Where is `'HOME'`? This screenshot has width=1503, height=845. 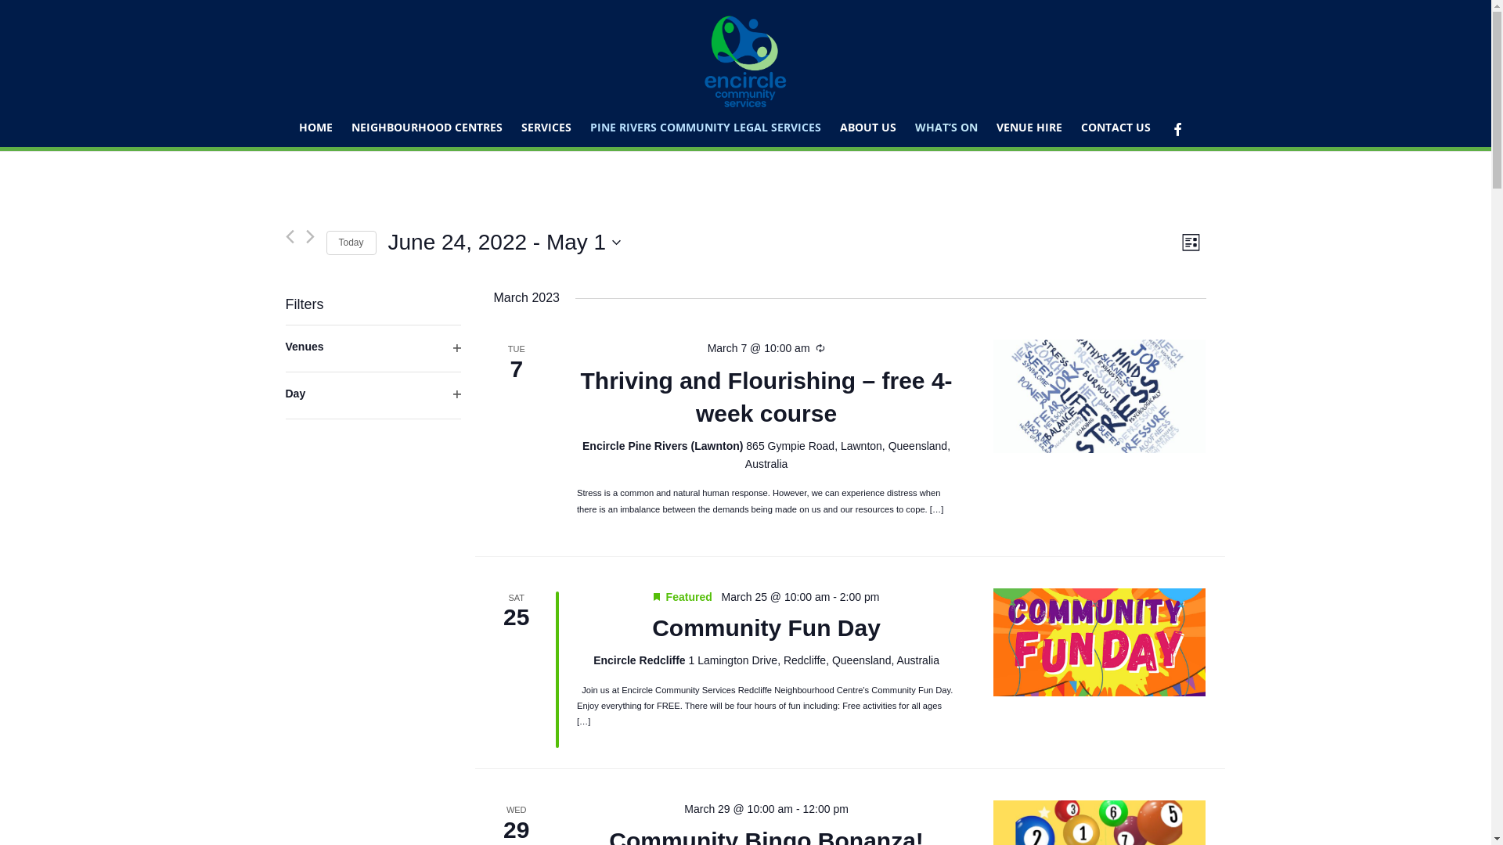
'HOME' is located at coordinates (289, 126).